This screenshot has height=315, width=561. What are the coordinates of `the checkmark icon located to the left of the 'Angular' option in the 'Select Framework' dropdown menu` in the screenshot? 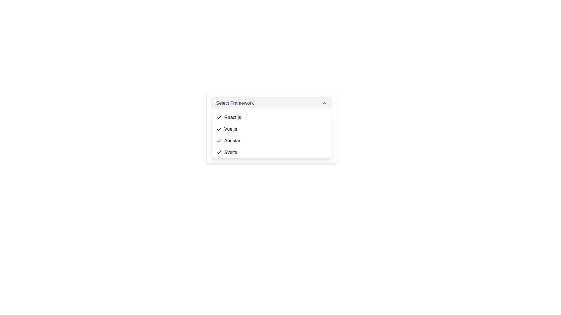 It's located at (219, 141).